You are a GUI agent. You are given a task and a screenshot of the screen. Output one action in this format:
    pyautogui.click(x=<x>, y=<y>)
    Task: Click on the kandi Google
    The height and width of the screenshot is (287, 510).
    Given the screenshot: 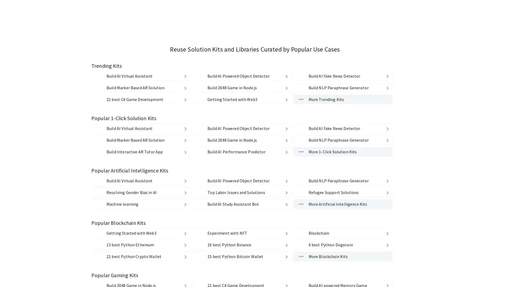 What is the action you would take?
    pyautogui.click(x=453, y=18)
    